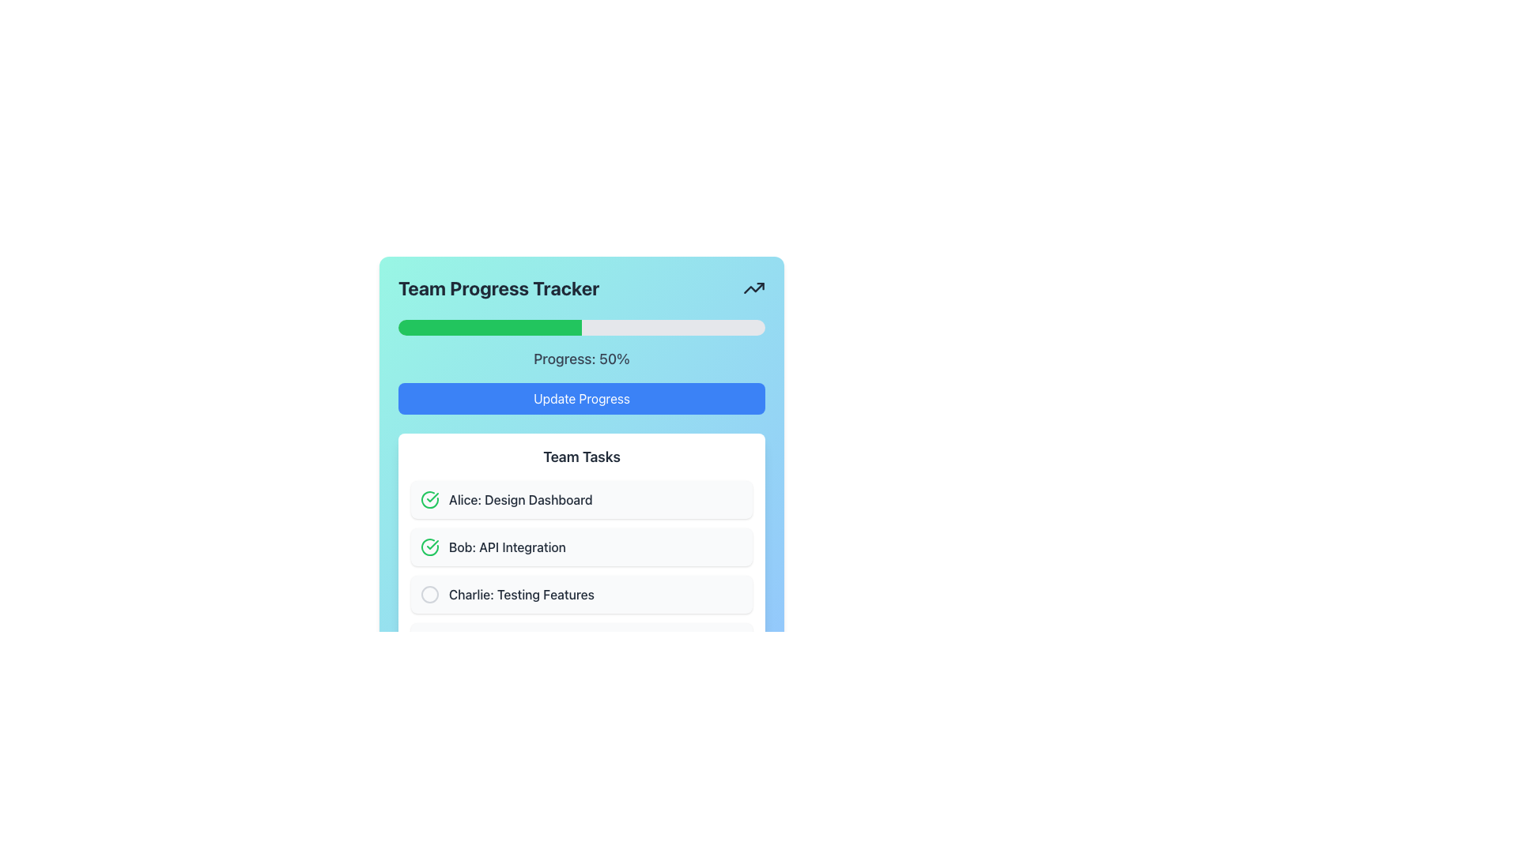 The image size is (1518, 853). Describe the element at coordinates (429, 594) in the screenshot. I see `the status indicator icon located on the leftmost side of the third row in the 'Team Tasks' section of the 'Charlie: Testing Features' task` at that location.